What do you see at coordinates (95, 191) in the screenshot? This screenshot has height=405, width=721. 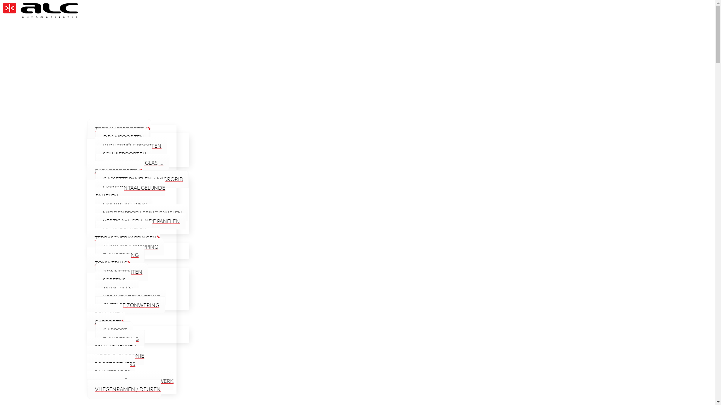 I see `'HORIZONTAAL GELIJNDE PANELEN'` at bounding box center [95, 191].